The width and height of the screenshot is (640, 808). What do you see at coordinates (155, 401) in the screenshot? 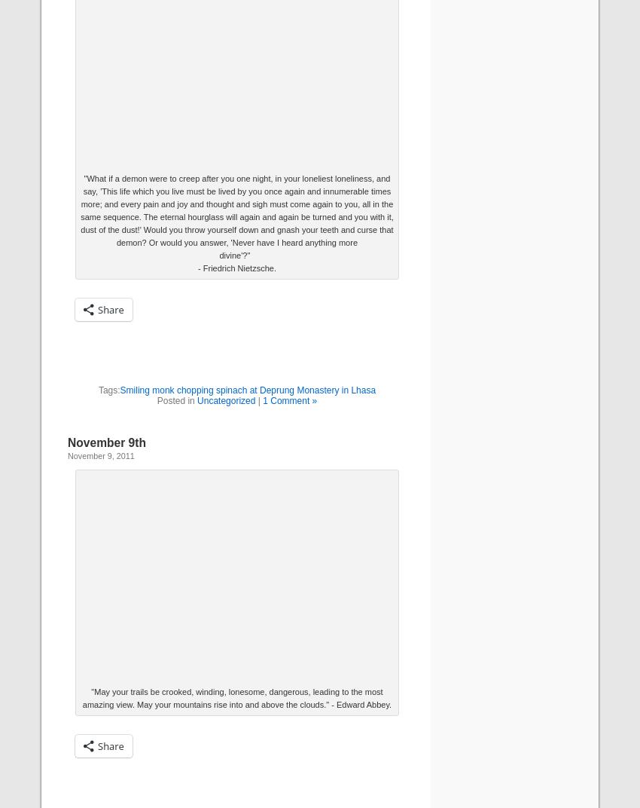
I see `'Posted in'` at bounding box center [155, 401].